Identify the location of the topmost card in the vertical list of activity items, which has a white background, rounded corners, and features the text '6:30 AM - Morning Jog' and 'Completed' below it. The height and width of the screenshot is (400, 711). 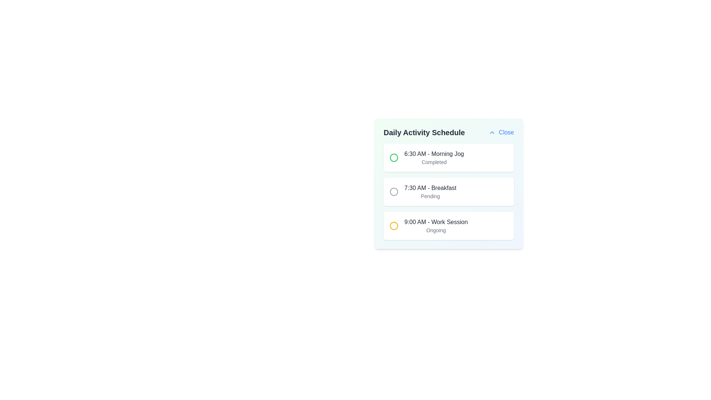
(448, 157).